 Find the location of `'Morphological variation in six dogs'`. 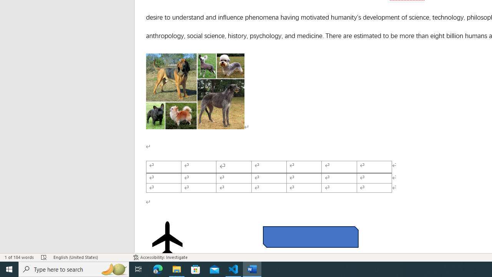

'Morphological variation in six dogs' is located at coordinates (195, 91).